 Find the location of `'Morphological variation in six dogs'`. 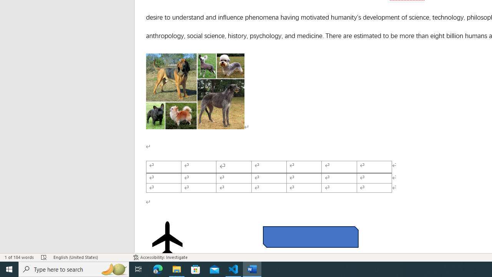

'Morphological variation in six dogs' is located at coordinates (195, 91).